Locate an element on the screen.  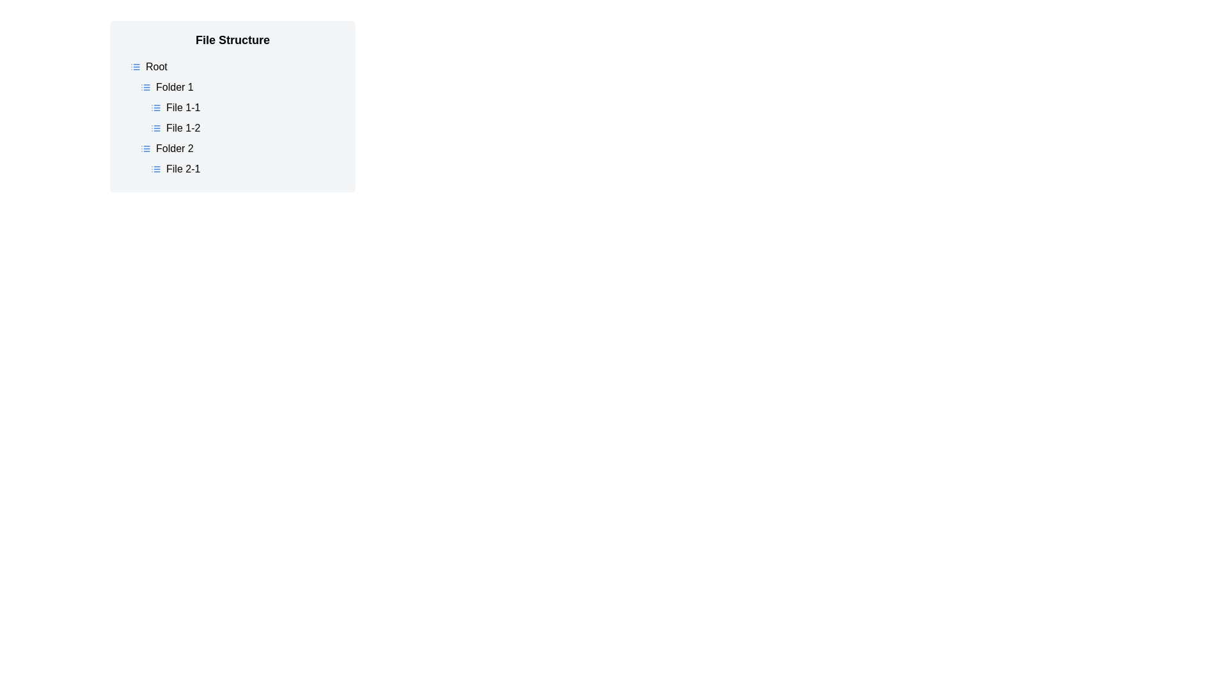
the 'Folder 1' collapsible folder is located at coordinates (242, 107).